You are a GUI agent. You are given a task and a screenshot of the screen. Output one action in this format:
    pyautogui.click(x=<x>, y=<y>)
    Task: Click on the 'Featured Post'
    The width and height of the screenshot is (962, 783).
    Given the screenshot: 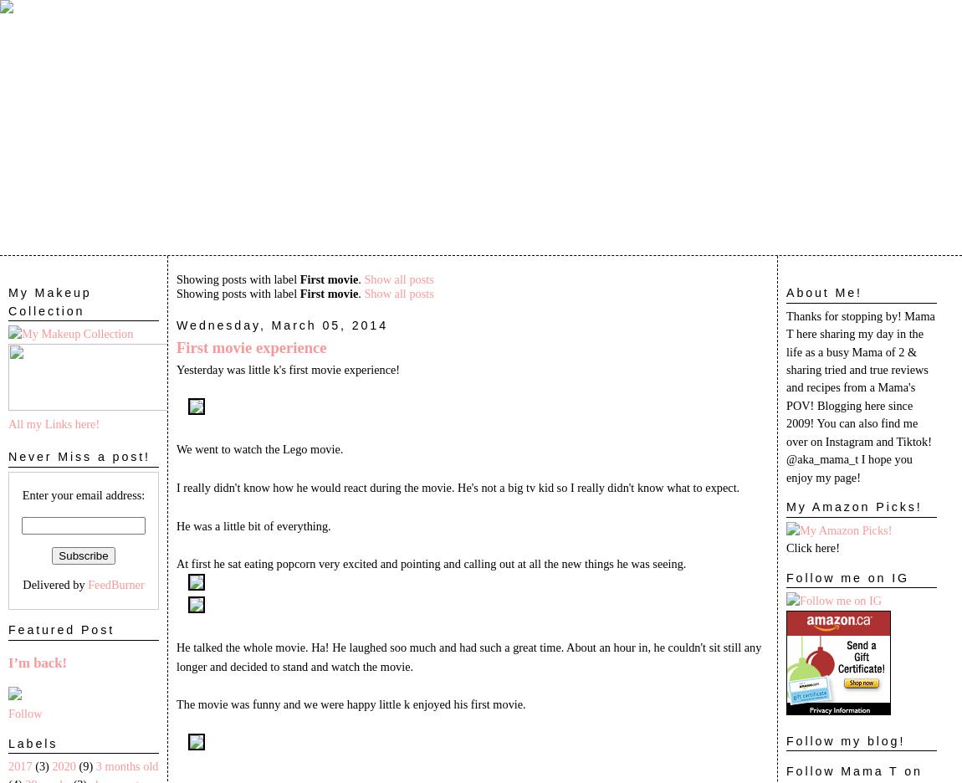 What is the action you would take?
    pyautogui.click(x=60, y=630)
    